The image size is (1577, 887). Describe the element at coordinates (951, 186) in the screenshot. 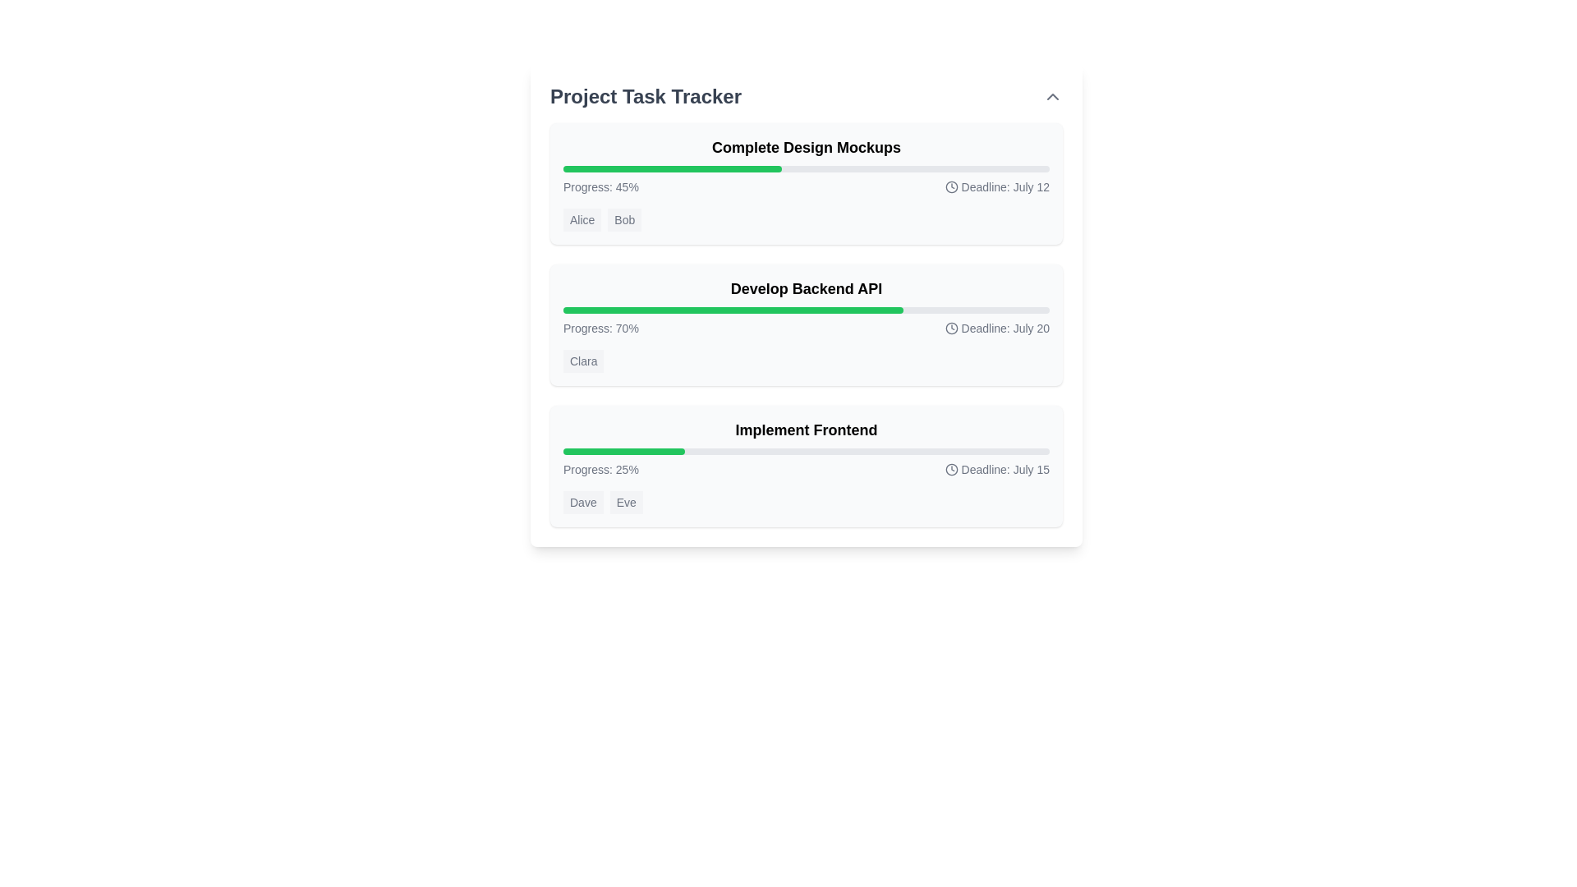

I see `the clock icon that indicates the deadline, which is located to the left of the text 'Deadline: July 12' in the top section of the interface` at that location.